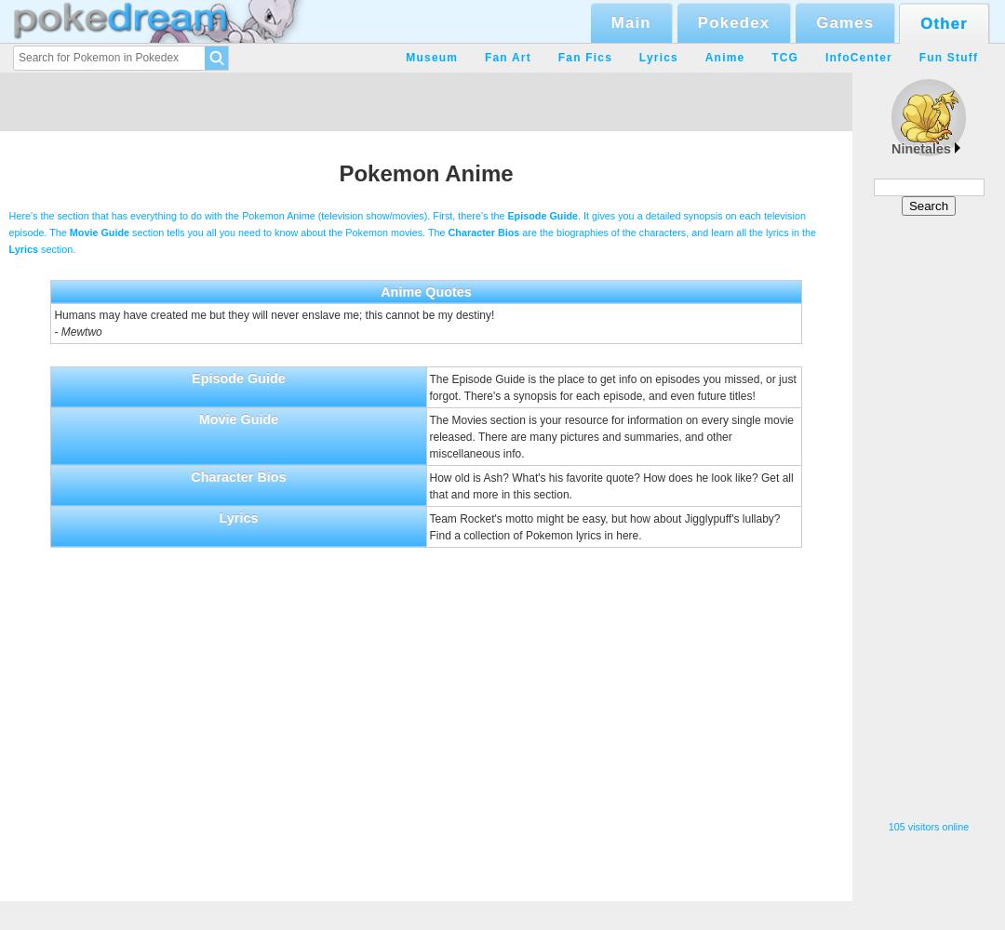 Image resolution: width=1005 pixels, height=930 pixels. What do you see at coordinates (944, 23) in the screenshot?
I see `'Other'` at bounding box center [944, 23].